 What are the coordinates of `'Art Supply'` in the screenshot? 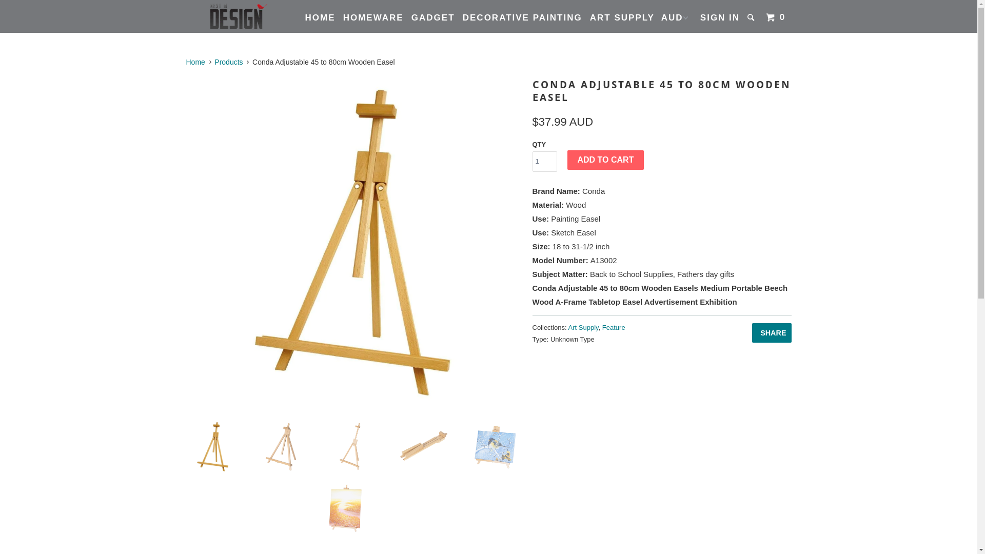 It's located at (583, 327).